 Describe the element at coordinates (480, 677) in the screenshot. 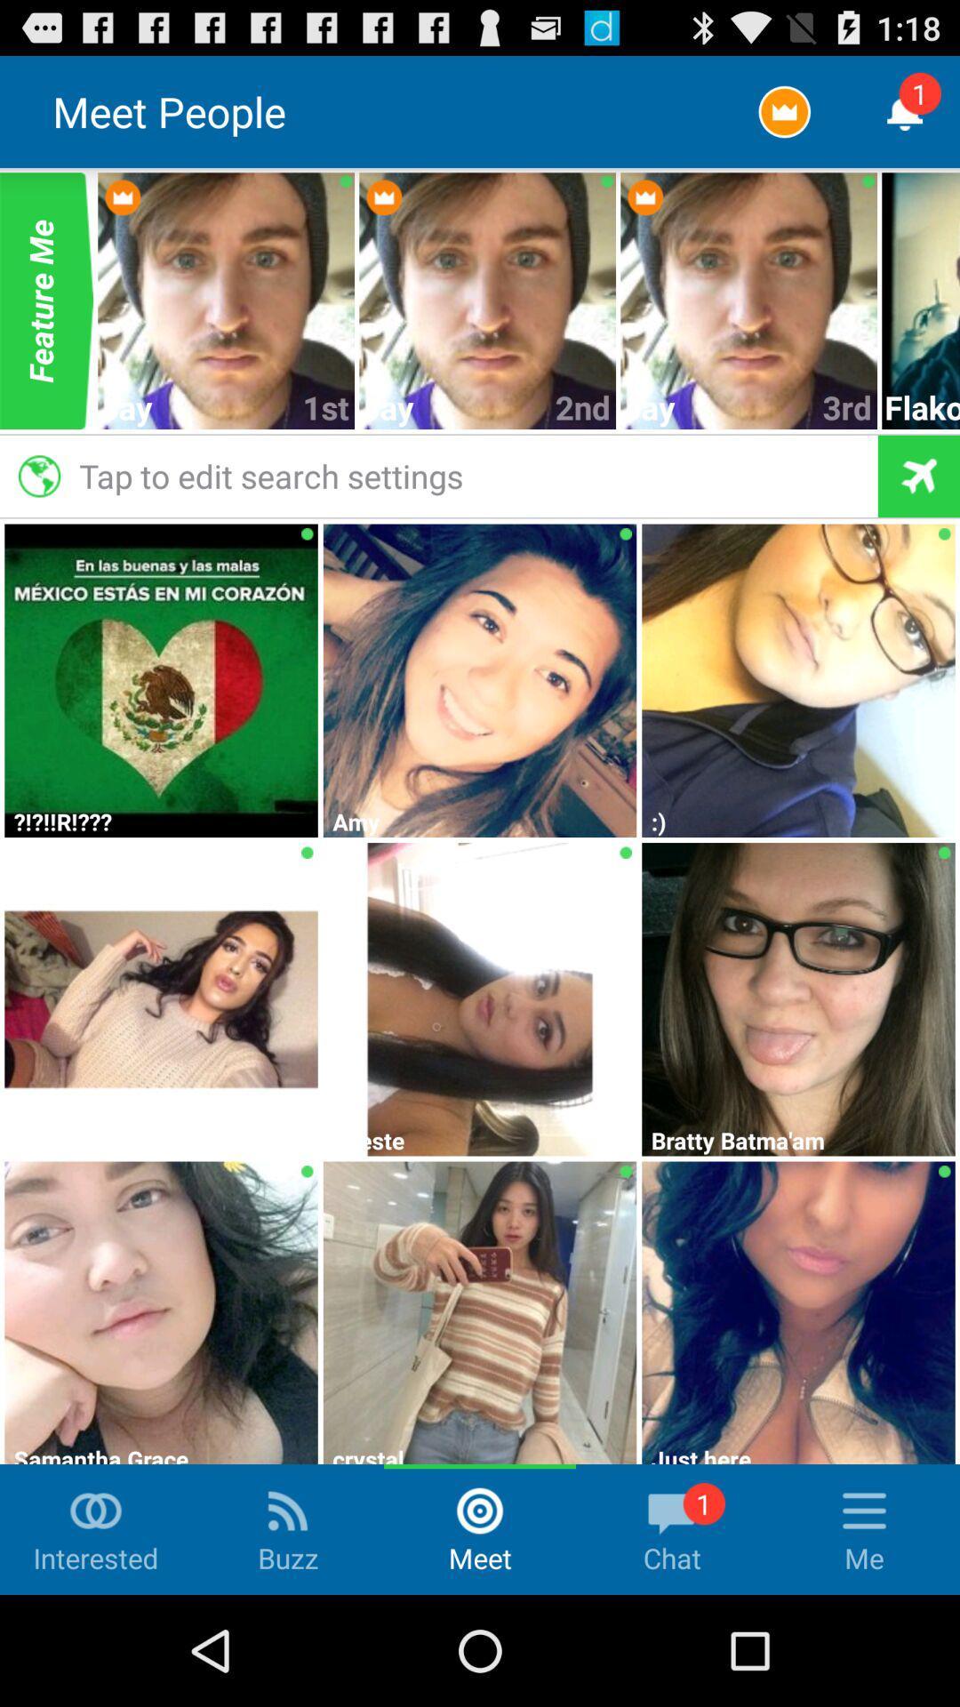

I see `the image second column second image` at that location.